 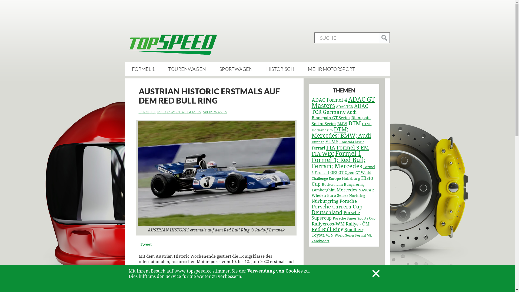 What do you see at coordinates (335, 215) in the screenshot?
I see `'Porsche Supercup'` at bounding box center [335, 215].